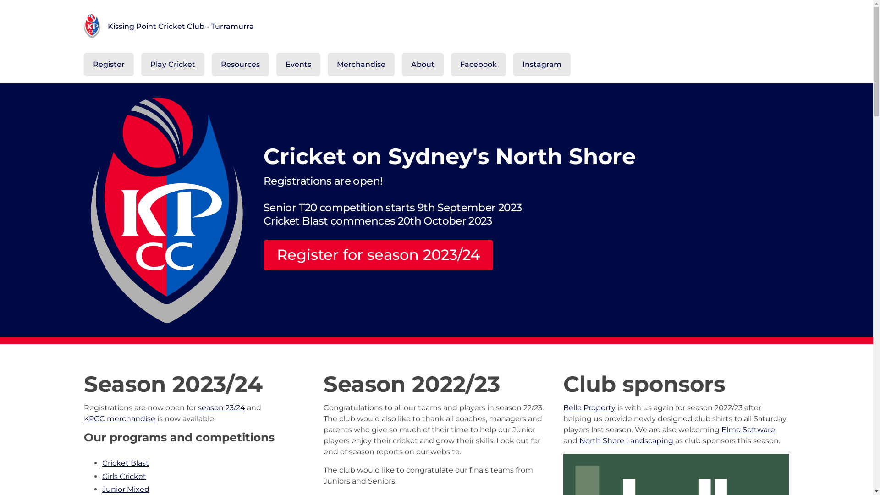  What do you see at coordinates (140, 64) in the screenshot?
I see `'Play Cricket'` at bounding box center [140, 64].